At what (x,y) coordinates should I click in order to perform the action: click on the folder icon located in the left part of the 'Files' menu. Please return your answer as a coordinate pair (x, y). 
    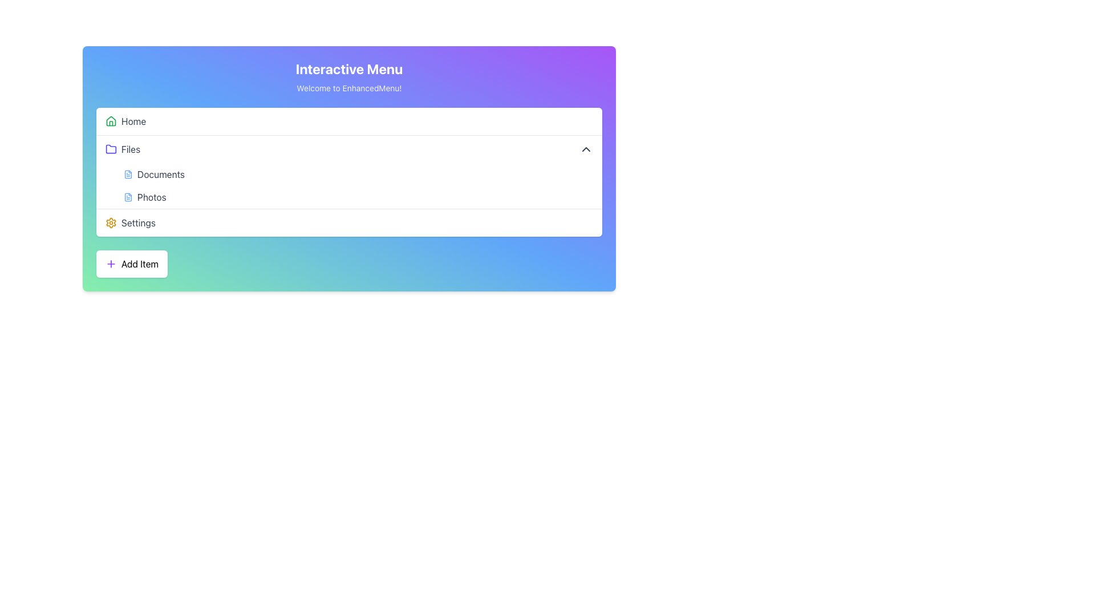
    Looking at the image, I should click on (111, 149).